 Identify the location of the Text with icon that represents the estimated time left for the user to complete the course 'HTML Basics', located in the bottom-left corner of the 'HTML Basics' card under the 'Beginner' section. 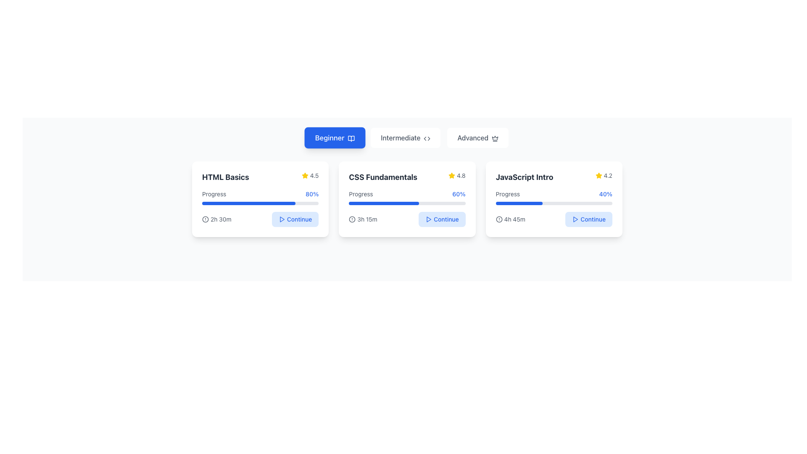
(216, 219).